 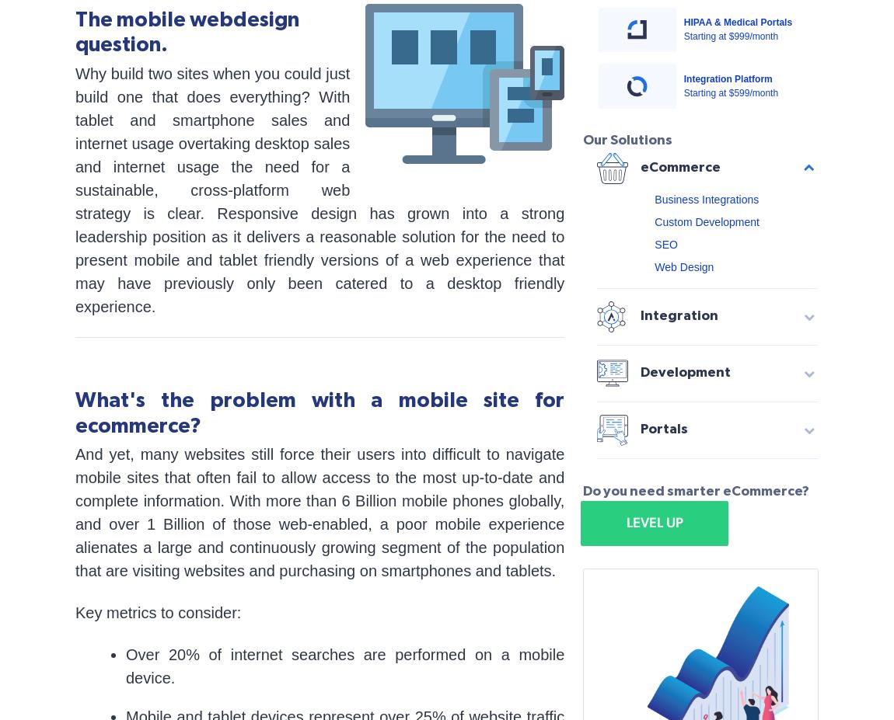 I want to click on 'What's the problem with a mobile site for ecommerce?', so click(x=320, y=412).